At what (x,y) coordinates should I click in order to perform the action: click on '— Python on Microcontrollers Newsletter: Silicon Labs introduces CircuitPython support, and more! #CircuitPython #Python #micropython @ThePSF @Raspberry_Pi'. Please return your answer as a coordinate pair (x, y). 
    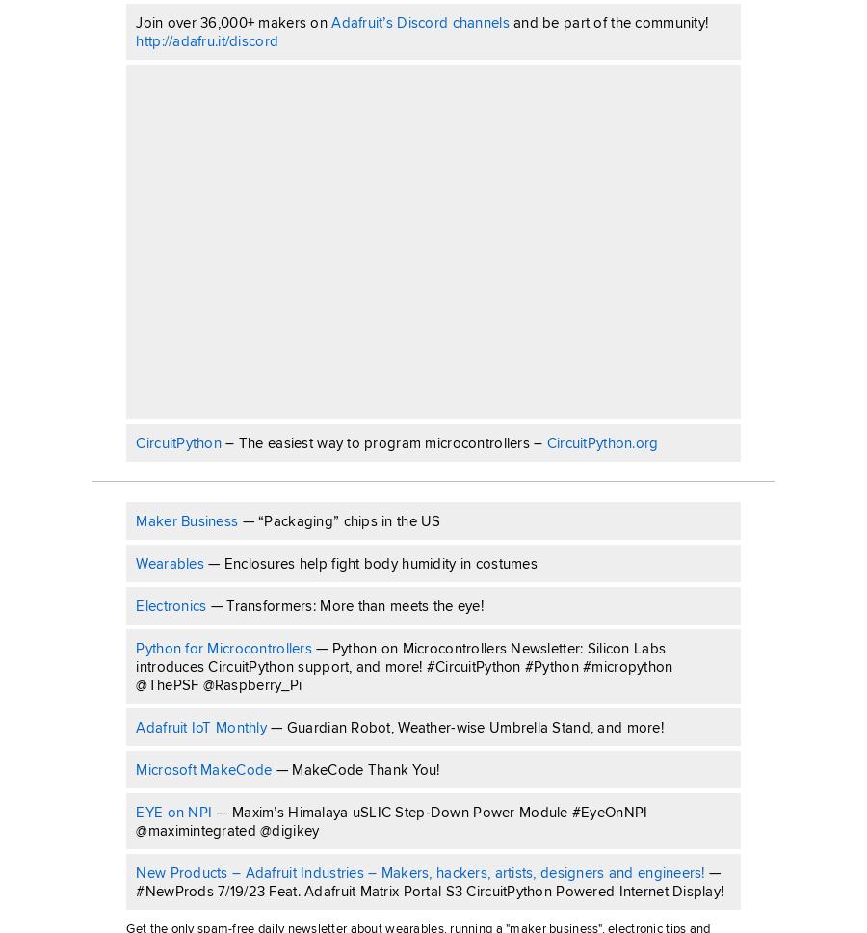
    Looking at the image, I should click on (404, 664).